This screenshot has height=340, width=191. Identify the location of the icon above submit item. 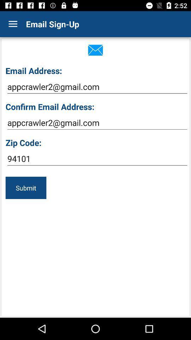
(97, 159).